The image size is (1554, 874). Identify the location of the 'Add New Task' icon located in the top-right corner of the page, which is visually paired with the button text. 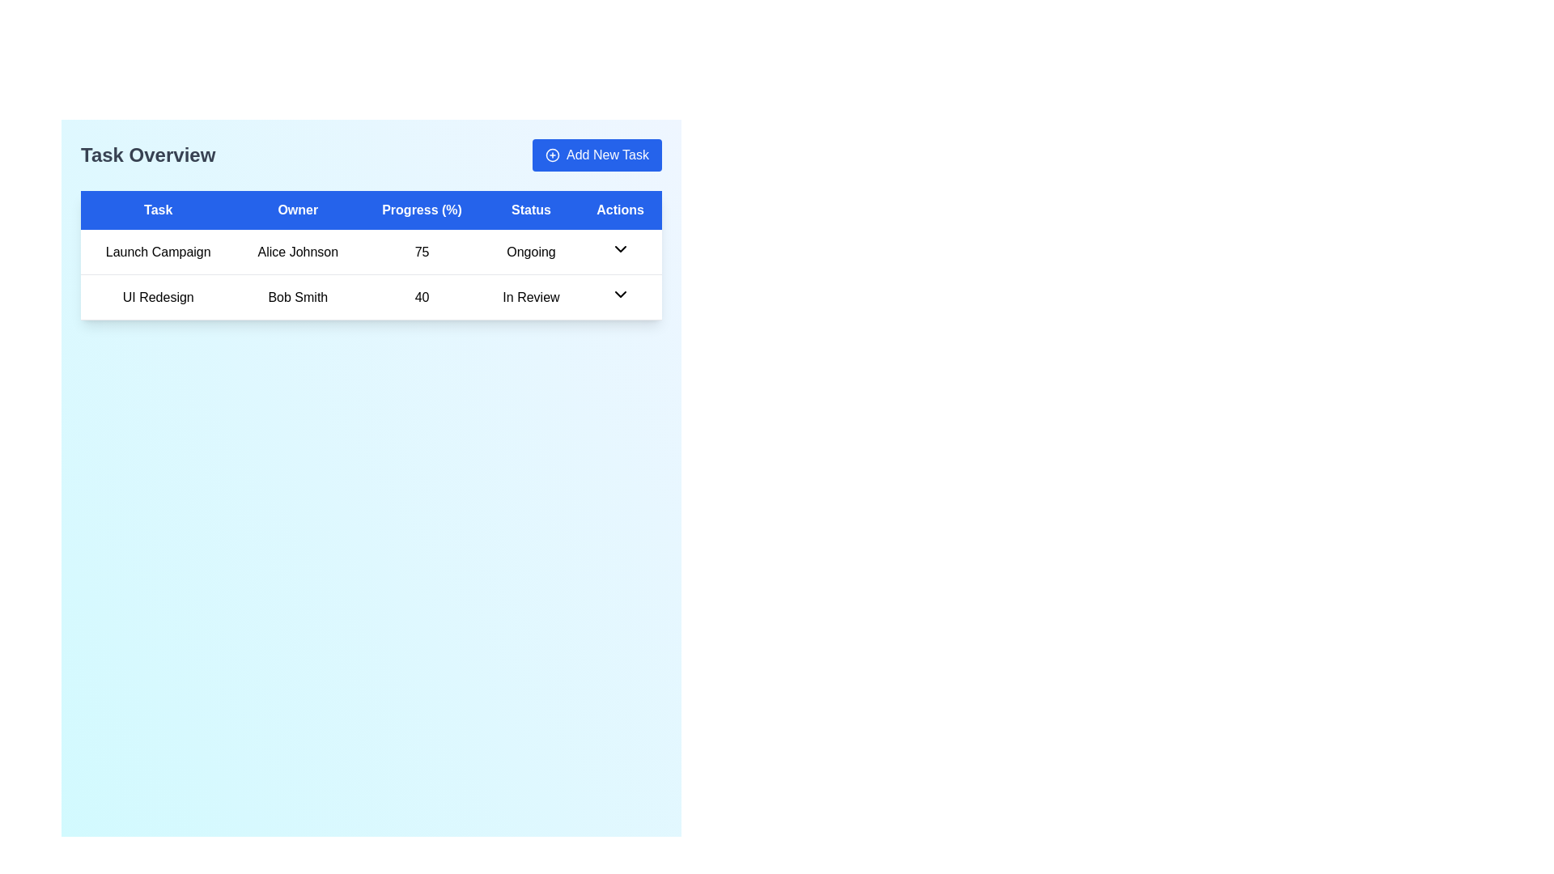
(552, 155).